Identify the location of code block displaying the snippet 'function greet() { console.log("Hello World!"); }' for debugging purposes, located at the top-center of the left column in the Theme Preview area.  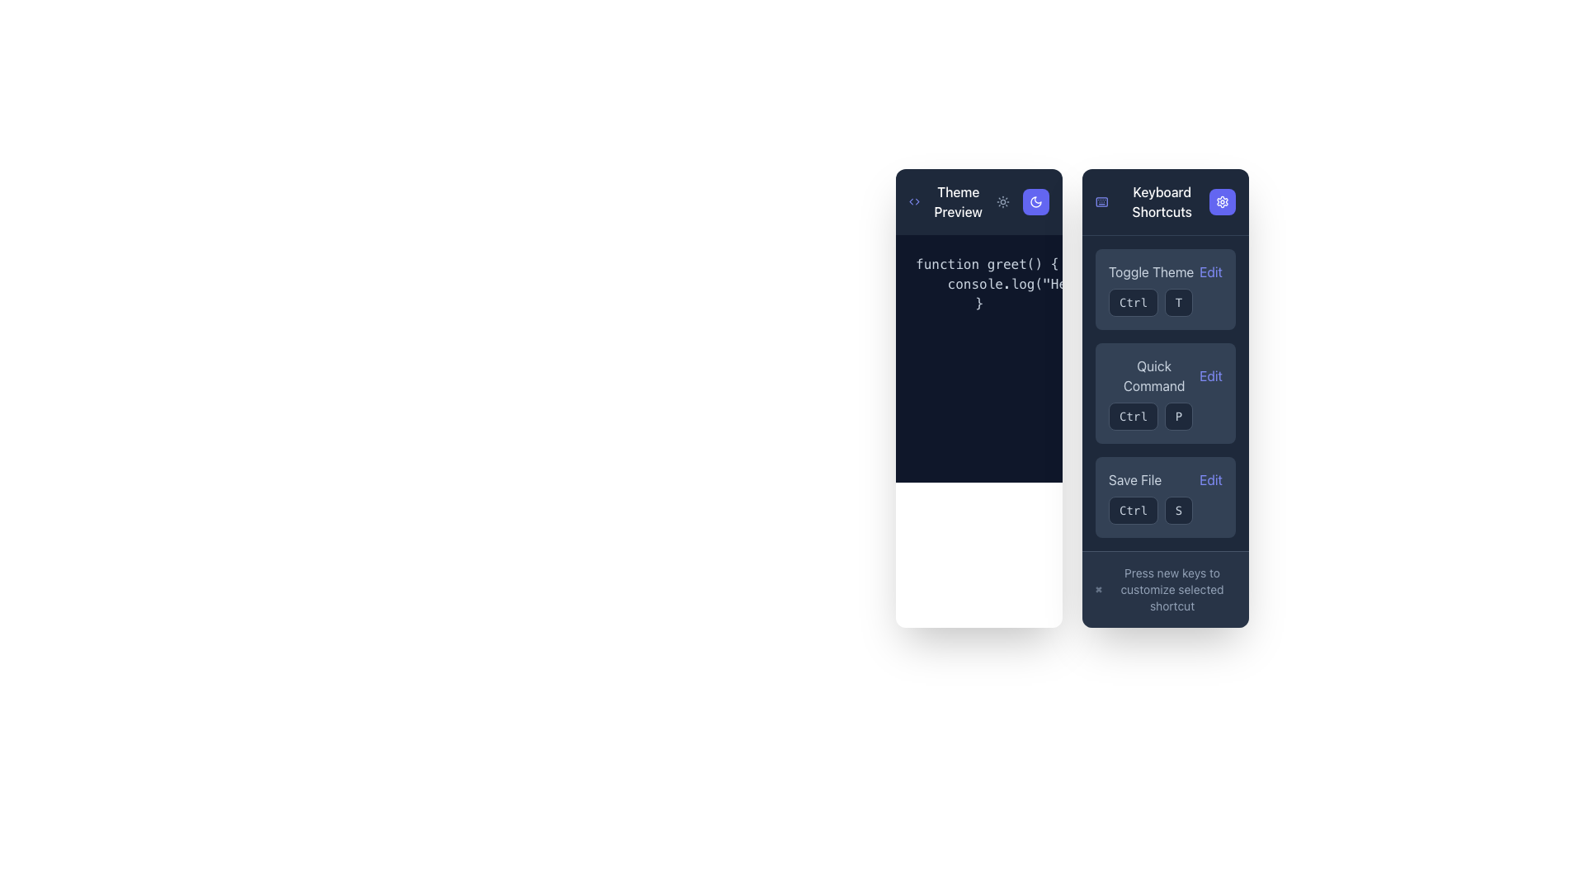
(978, 283).